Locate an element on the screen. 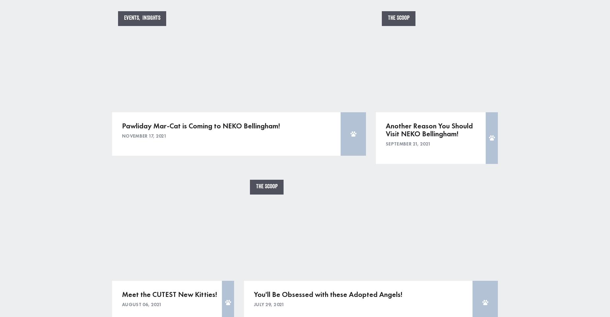  'Pawliday Mar-Cat is Coming to NEKO Bellingham!' is located at coordinates (201, 125).